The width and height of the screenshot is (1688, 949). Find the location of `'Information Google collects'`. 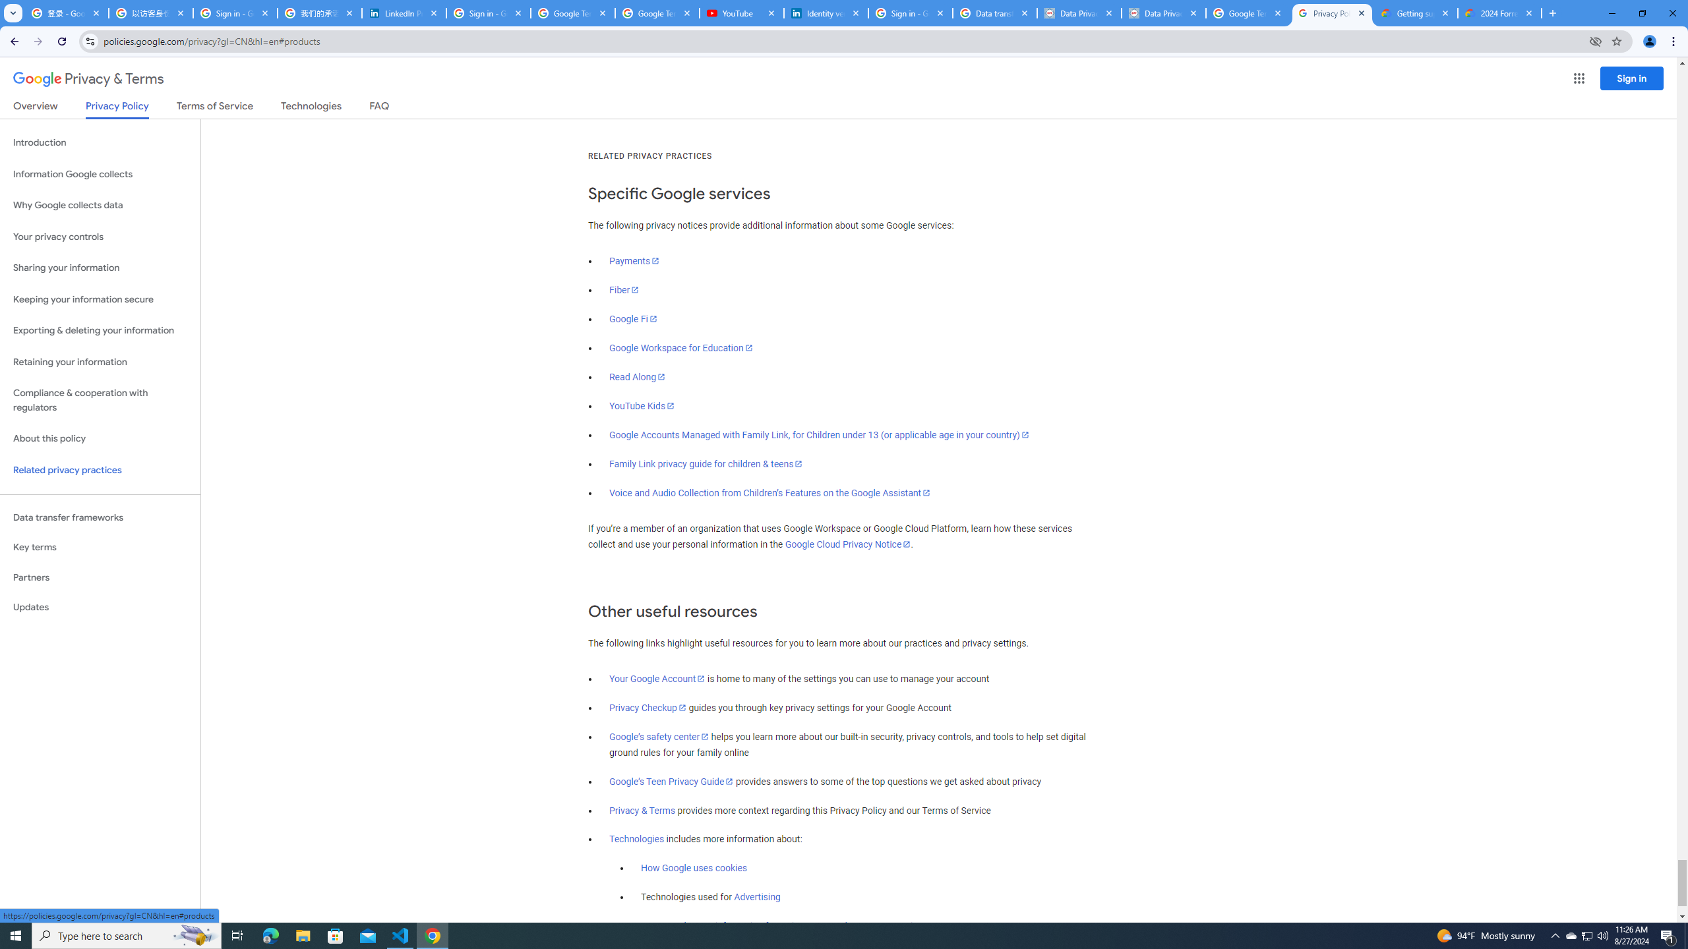

'Information Google collects' is located at coordinates (100, 174).